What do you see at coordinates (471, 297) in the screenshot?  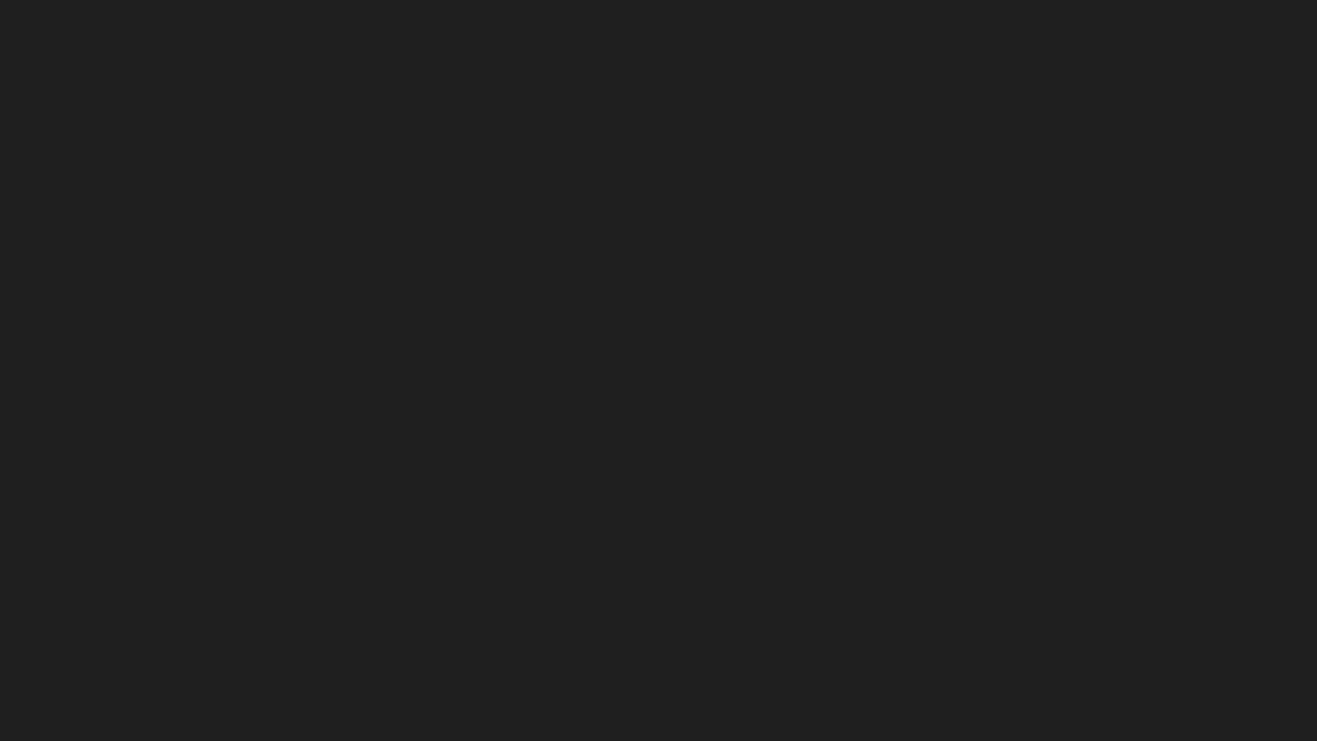 I see `More` at bounding box center [471, 297].